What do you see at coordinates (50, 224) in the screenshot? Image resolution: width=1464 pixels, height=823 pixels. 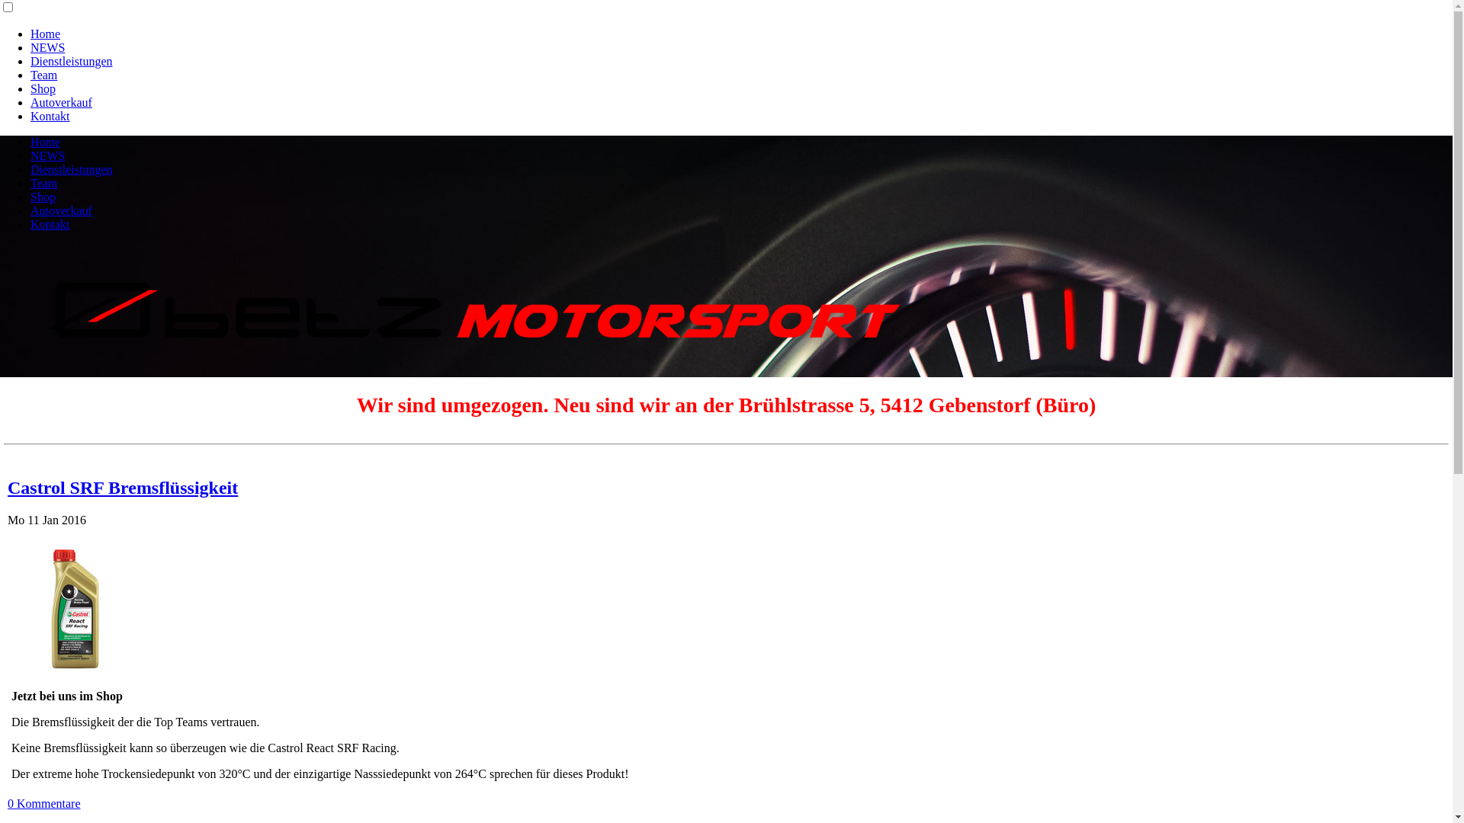 I see `'Kontakt'` at bounding box center [50, 224].